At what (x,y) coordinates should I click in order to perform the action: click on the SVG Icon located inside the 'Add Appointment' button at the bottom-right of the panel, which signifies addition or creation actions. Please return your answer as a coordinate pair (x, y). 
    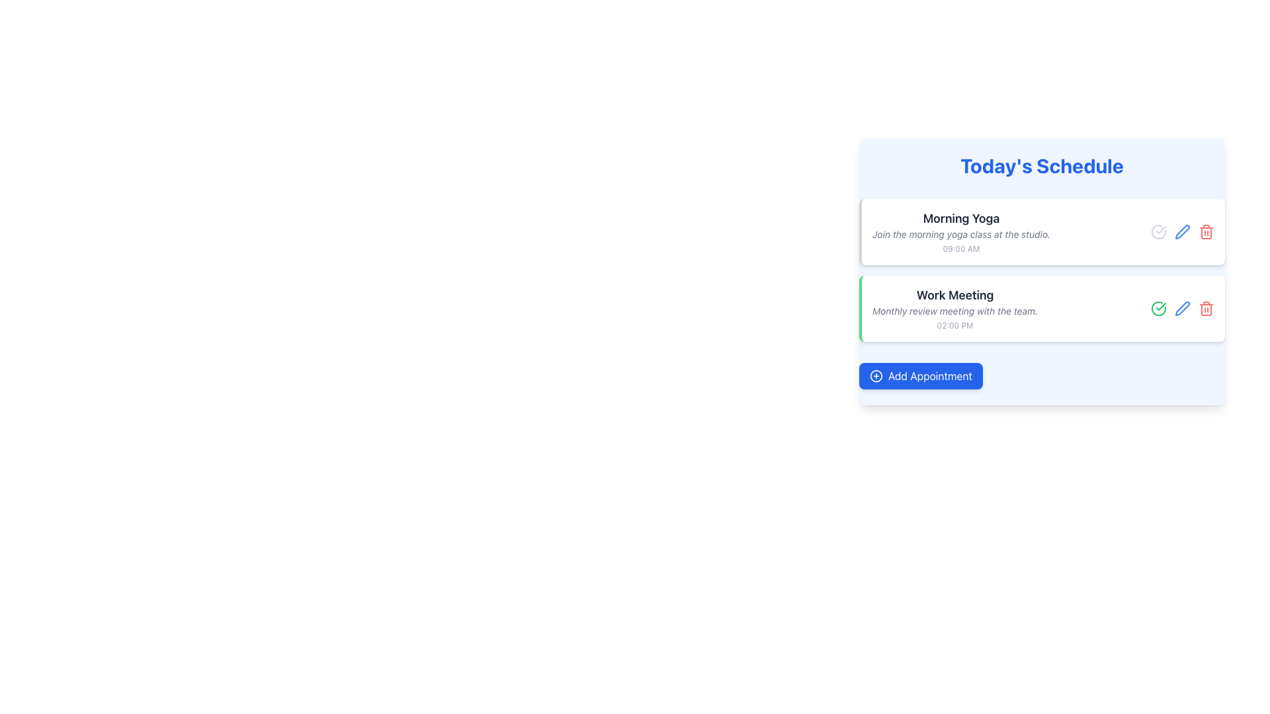
    Looking at the image, I should click on (876, 376).